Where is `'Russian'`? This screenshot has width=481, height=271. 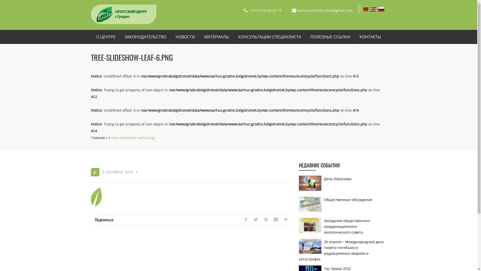 'Russian' is located at coordinates (378, 9).